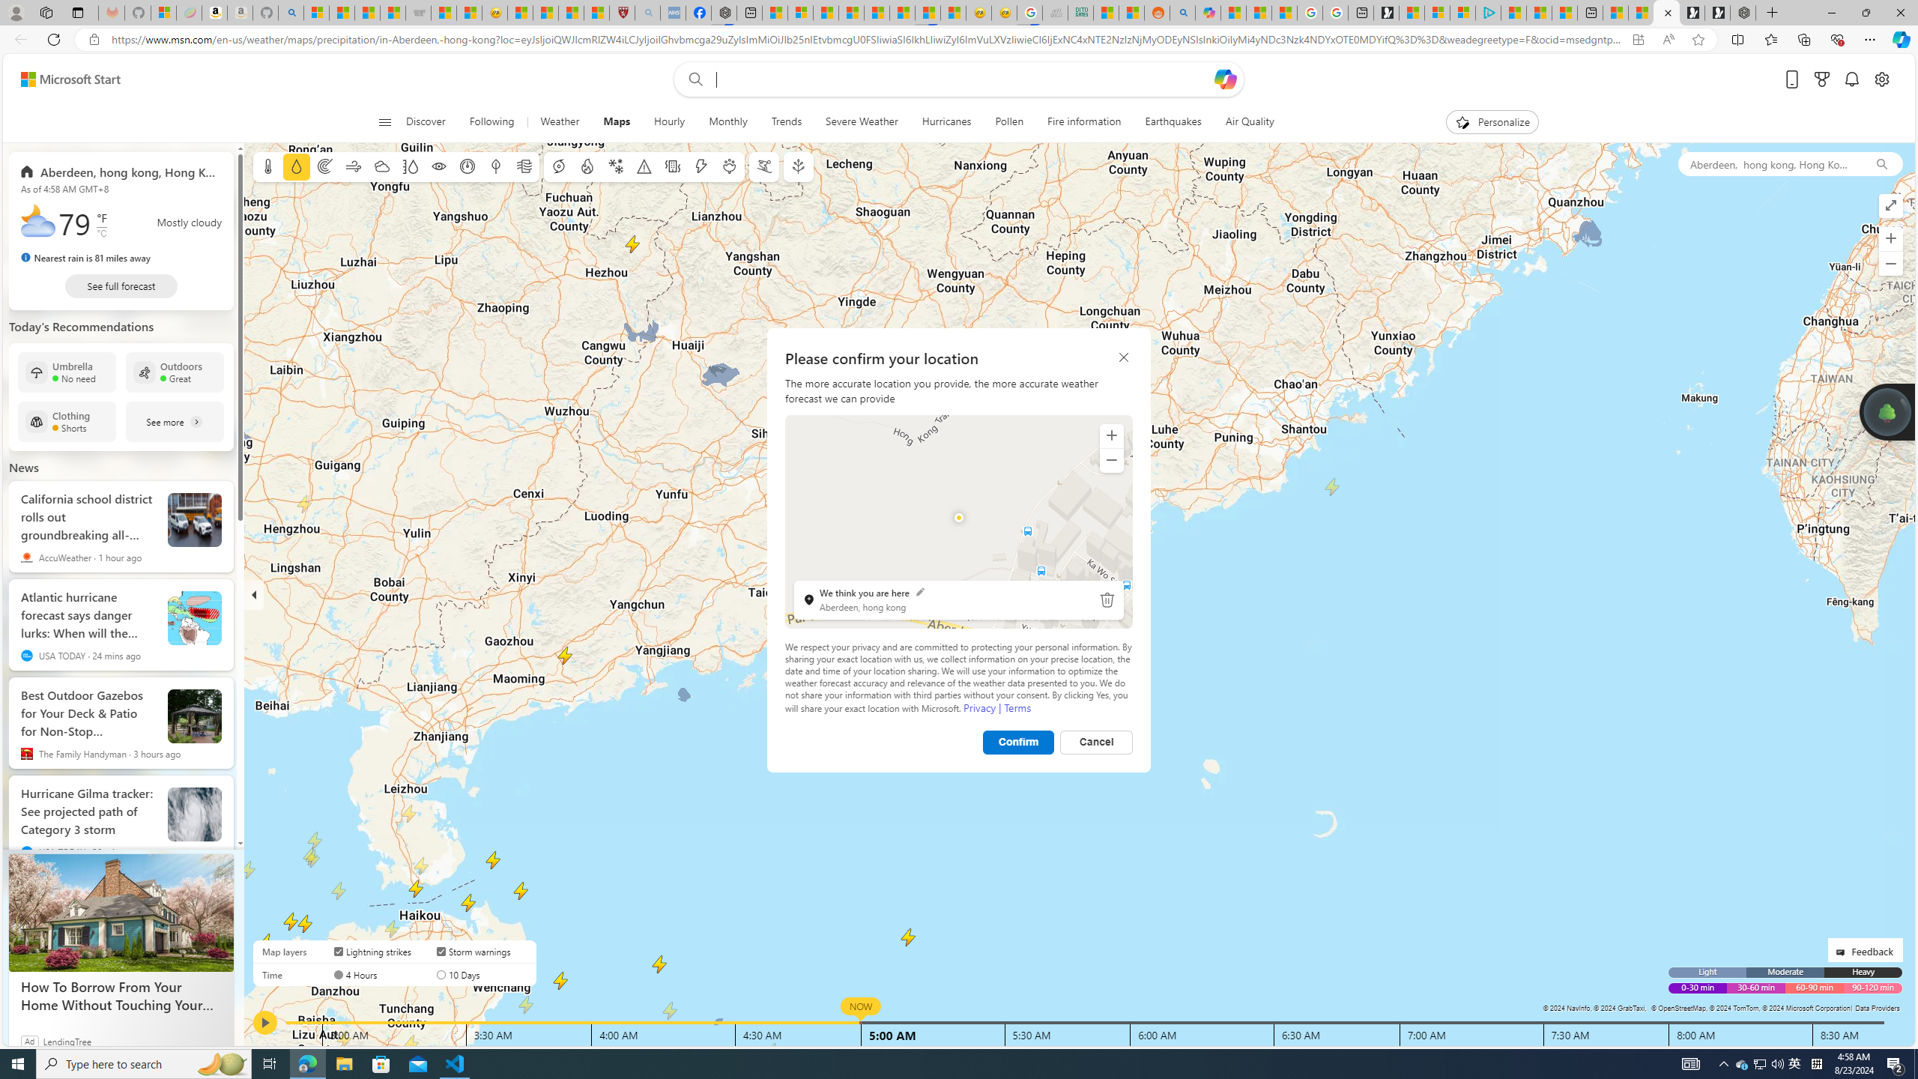 This screenshot has width=1918, height=1079. Describe the element at coordinates (946, 121) in the screenshot. I see `'Hurricanes'` at that location.